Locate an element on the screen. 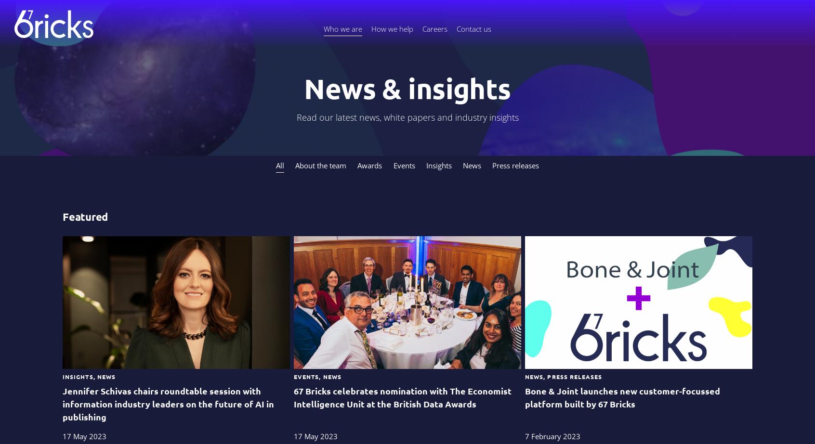  '7 February 2023' is located at coordinates (552, 435).